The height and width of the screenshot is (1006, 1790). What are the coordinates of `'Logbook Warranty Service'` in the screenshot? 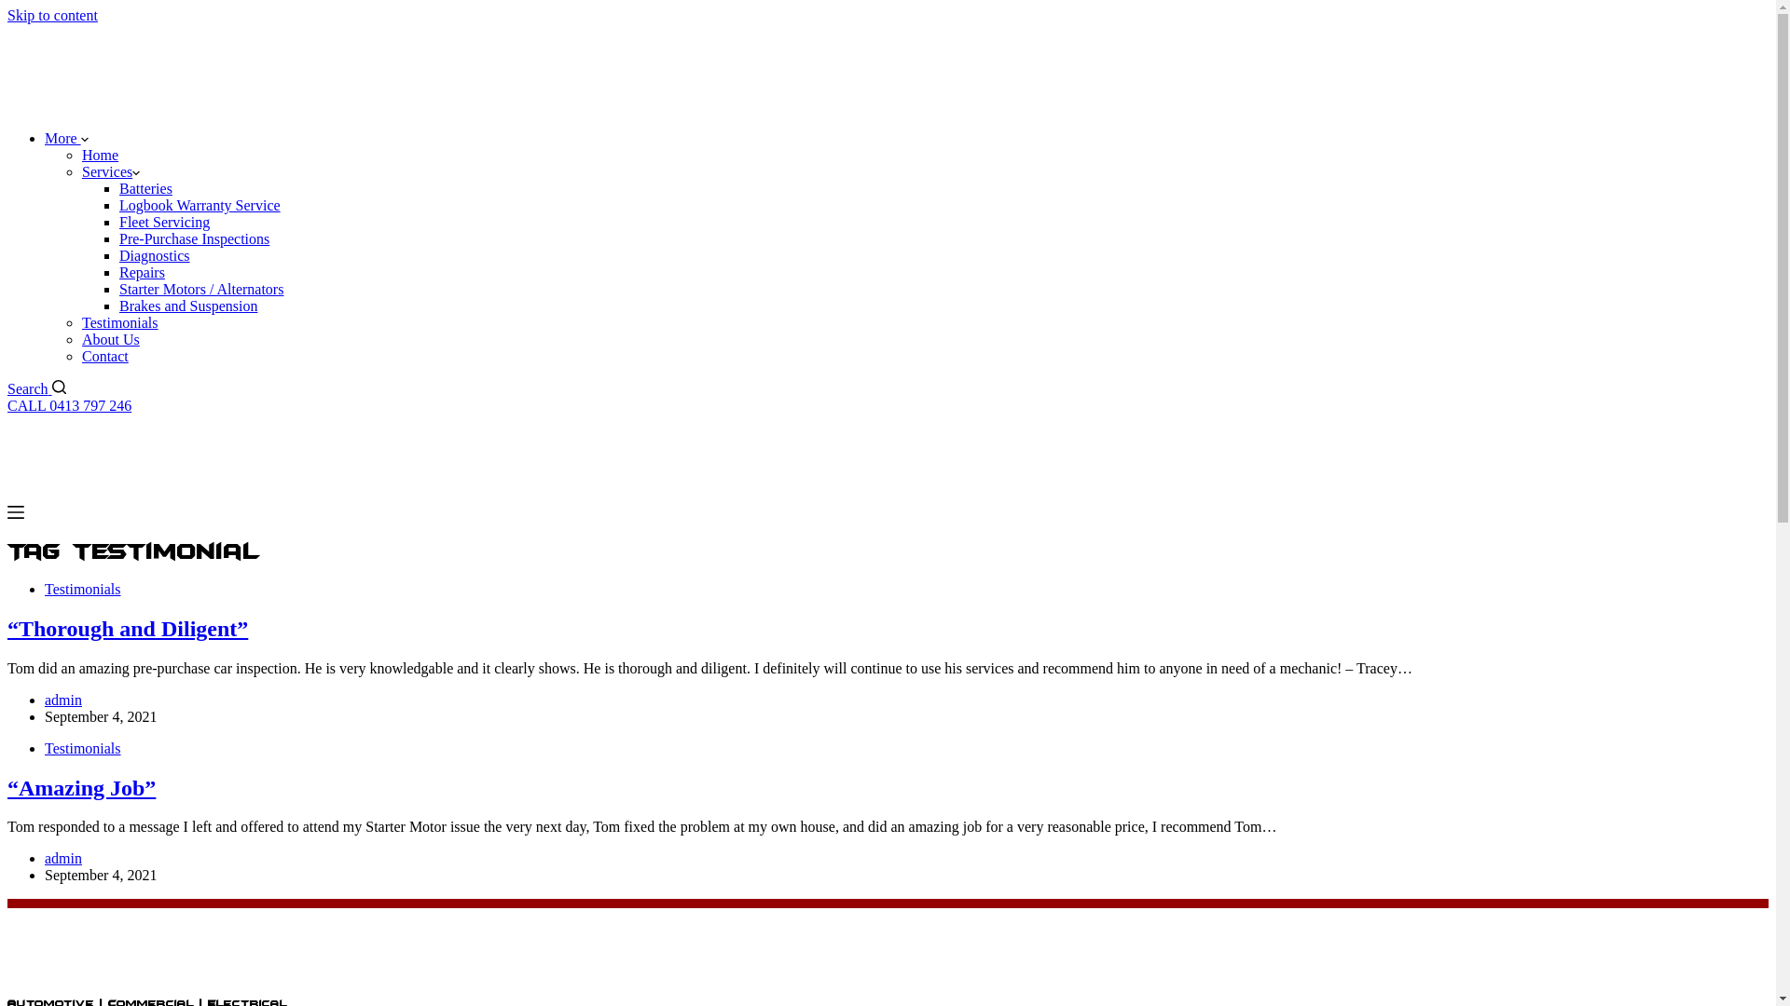 It's located at (118, 205).